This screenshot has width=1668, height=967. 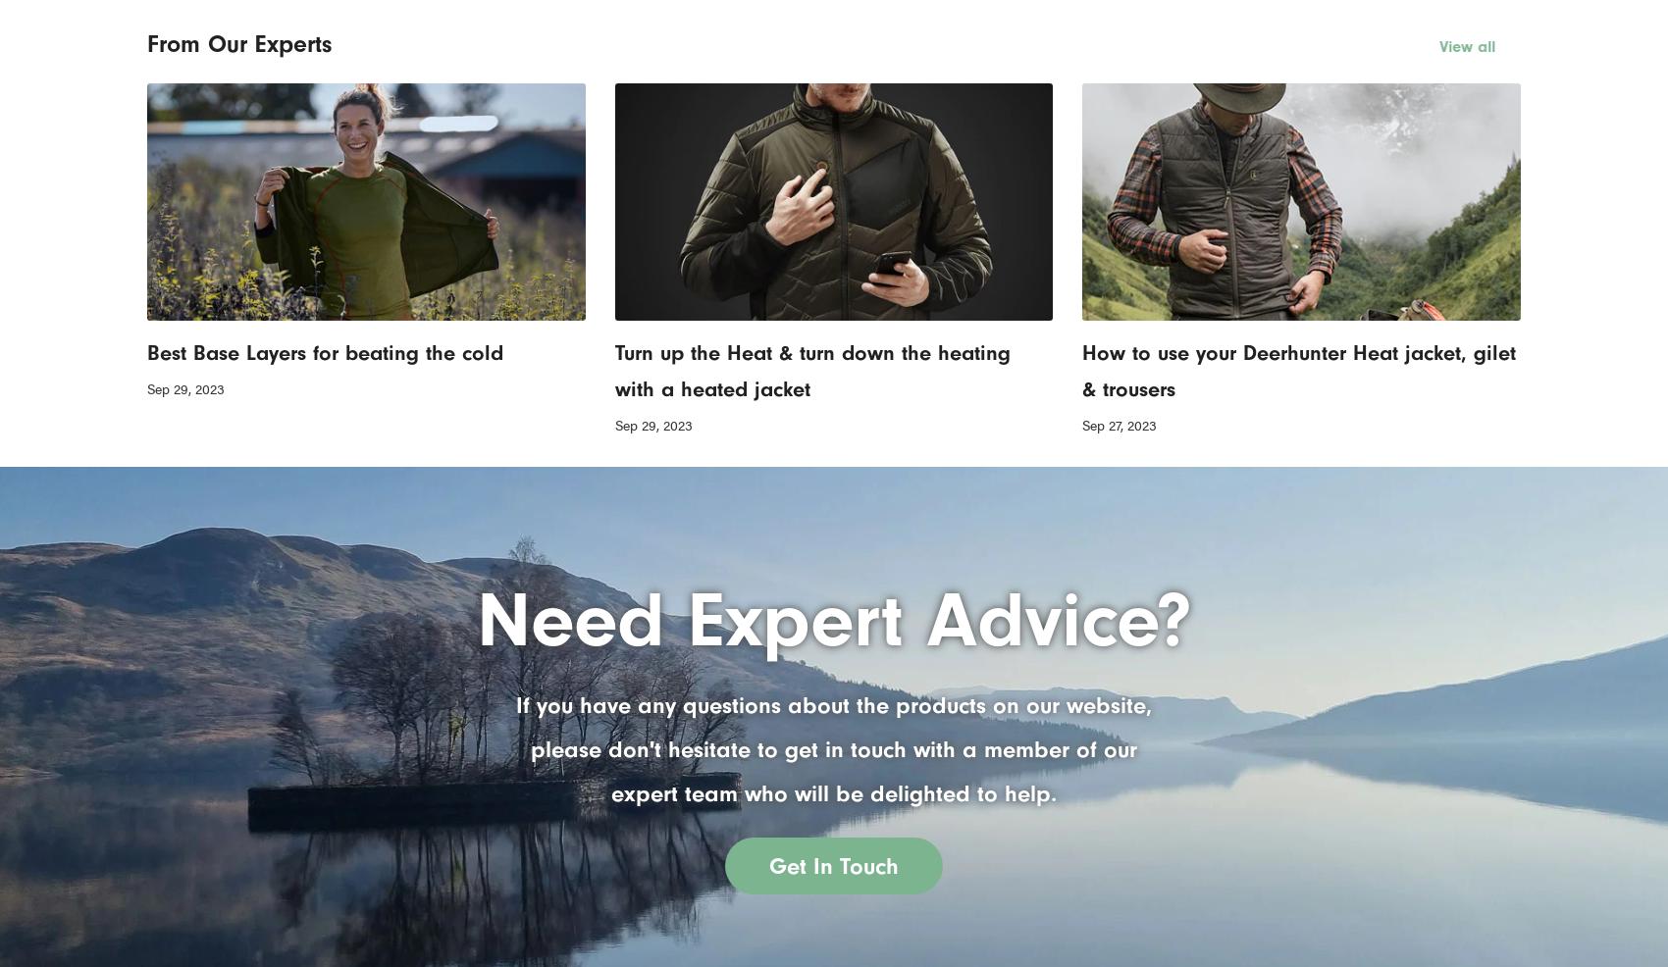 I want to click on 'From Our Experts', so click(x=238, y=42).